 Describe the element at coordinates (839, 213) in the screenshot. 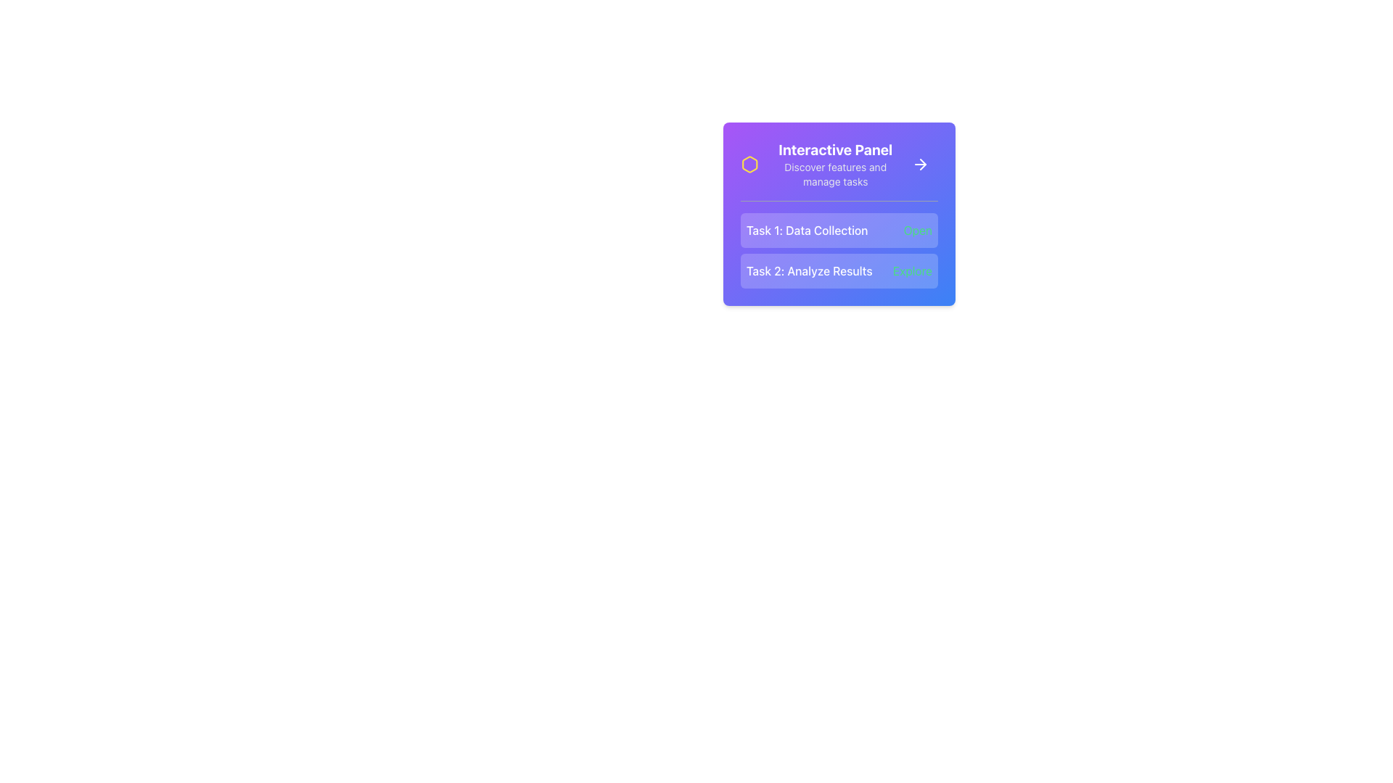

I see `the task management dashboard panel` at that location.